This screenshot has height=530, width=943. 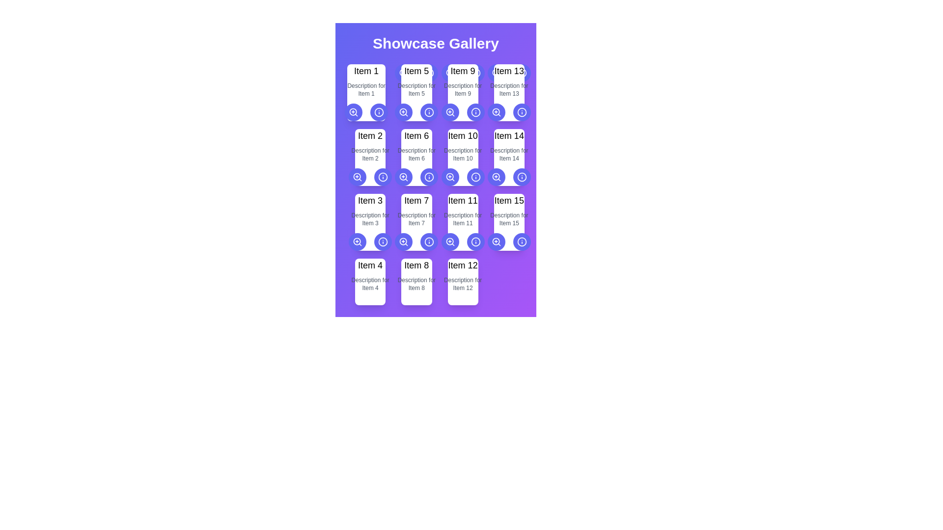 What do you see at coordinates (521, 111) in the screenshot?
I see `the informational button located directly below 'Item 13' in the grid layout to observe the hover effect` at bounding box center [521, 111].